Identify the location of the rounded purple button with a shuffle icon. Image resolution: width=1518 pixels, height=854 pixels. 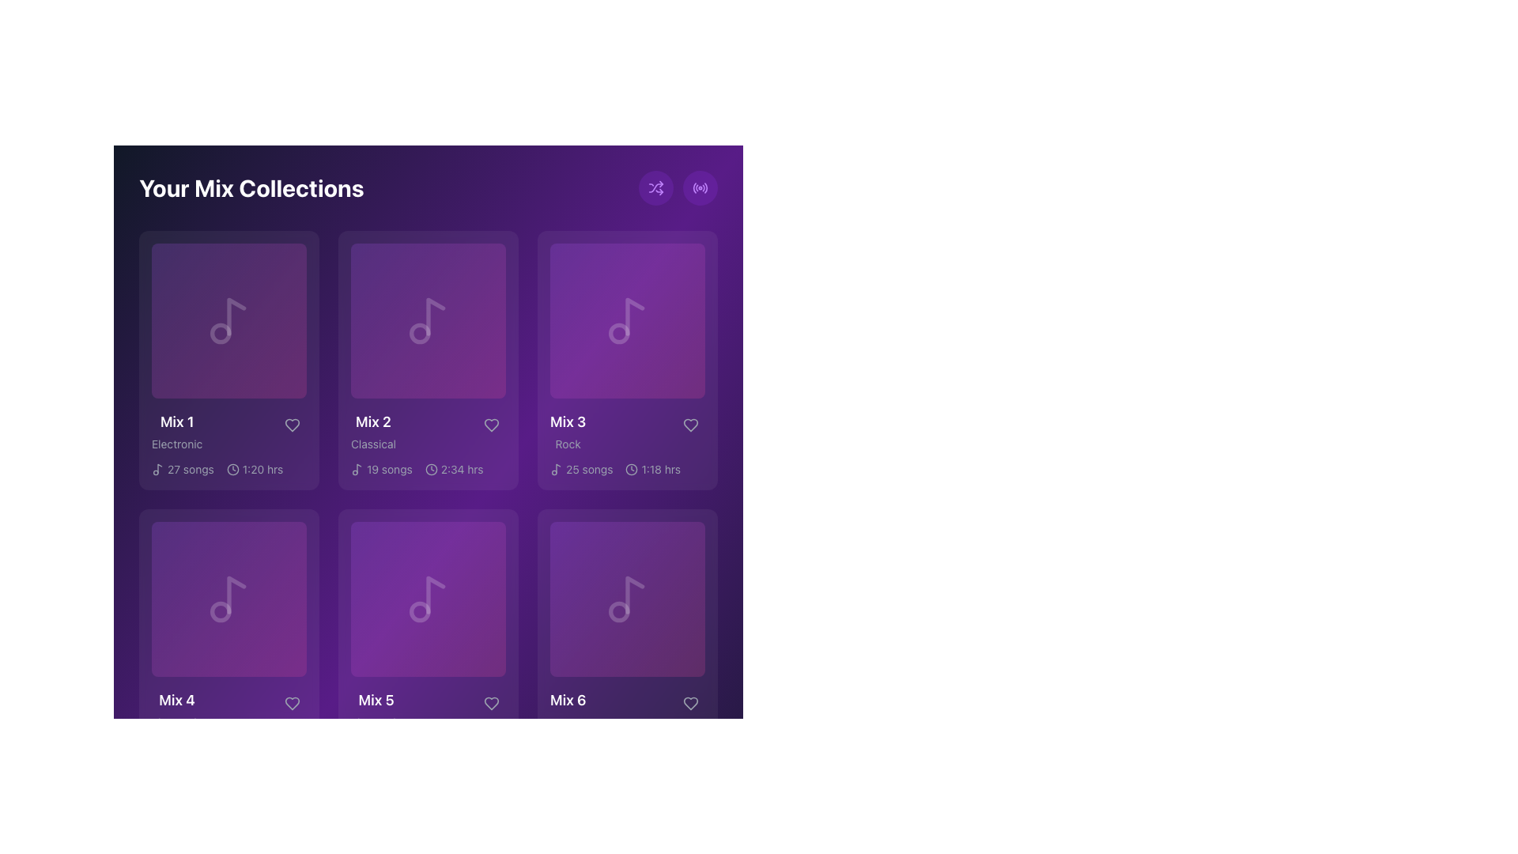
(656, 187).